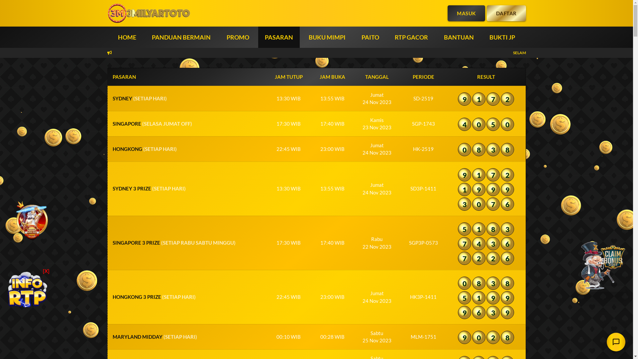  Describe the element at coordinates (148, 188) in the screenshot. I see `'SYDNEY 3 PRIZE (SETIAP HARI)'` at that location.